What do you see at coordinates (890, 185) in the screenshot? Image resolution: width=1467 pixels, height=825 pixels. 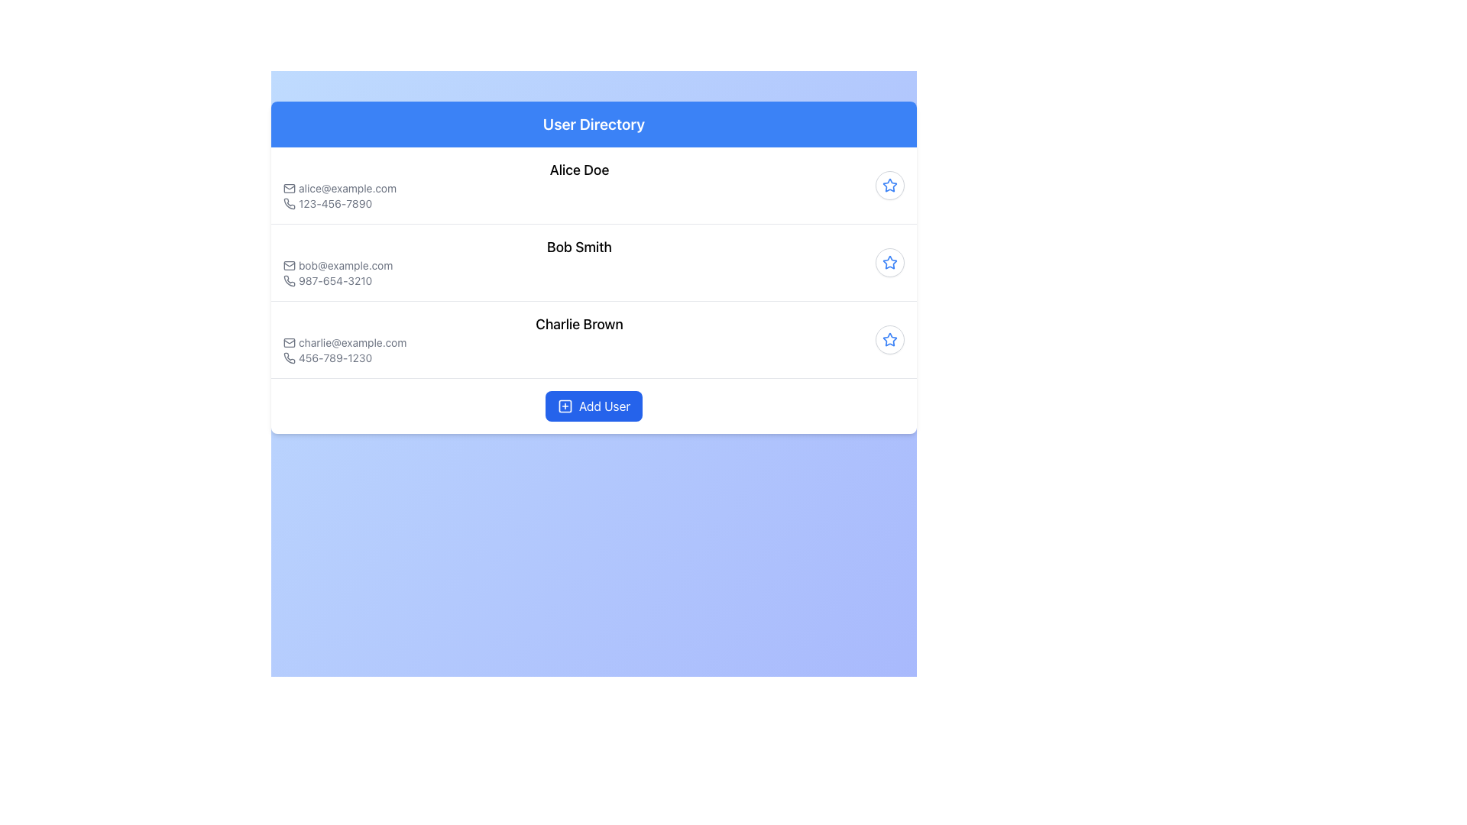 I see `the circular button with a blue hollow star icon located adjacent to 'Alice Doe' in the User Directory` at bounding box center [890, 185].